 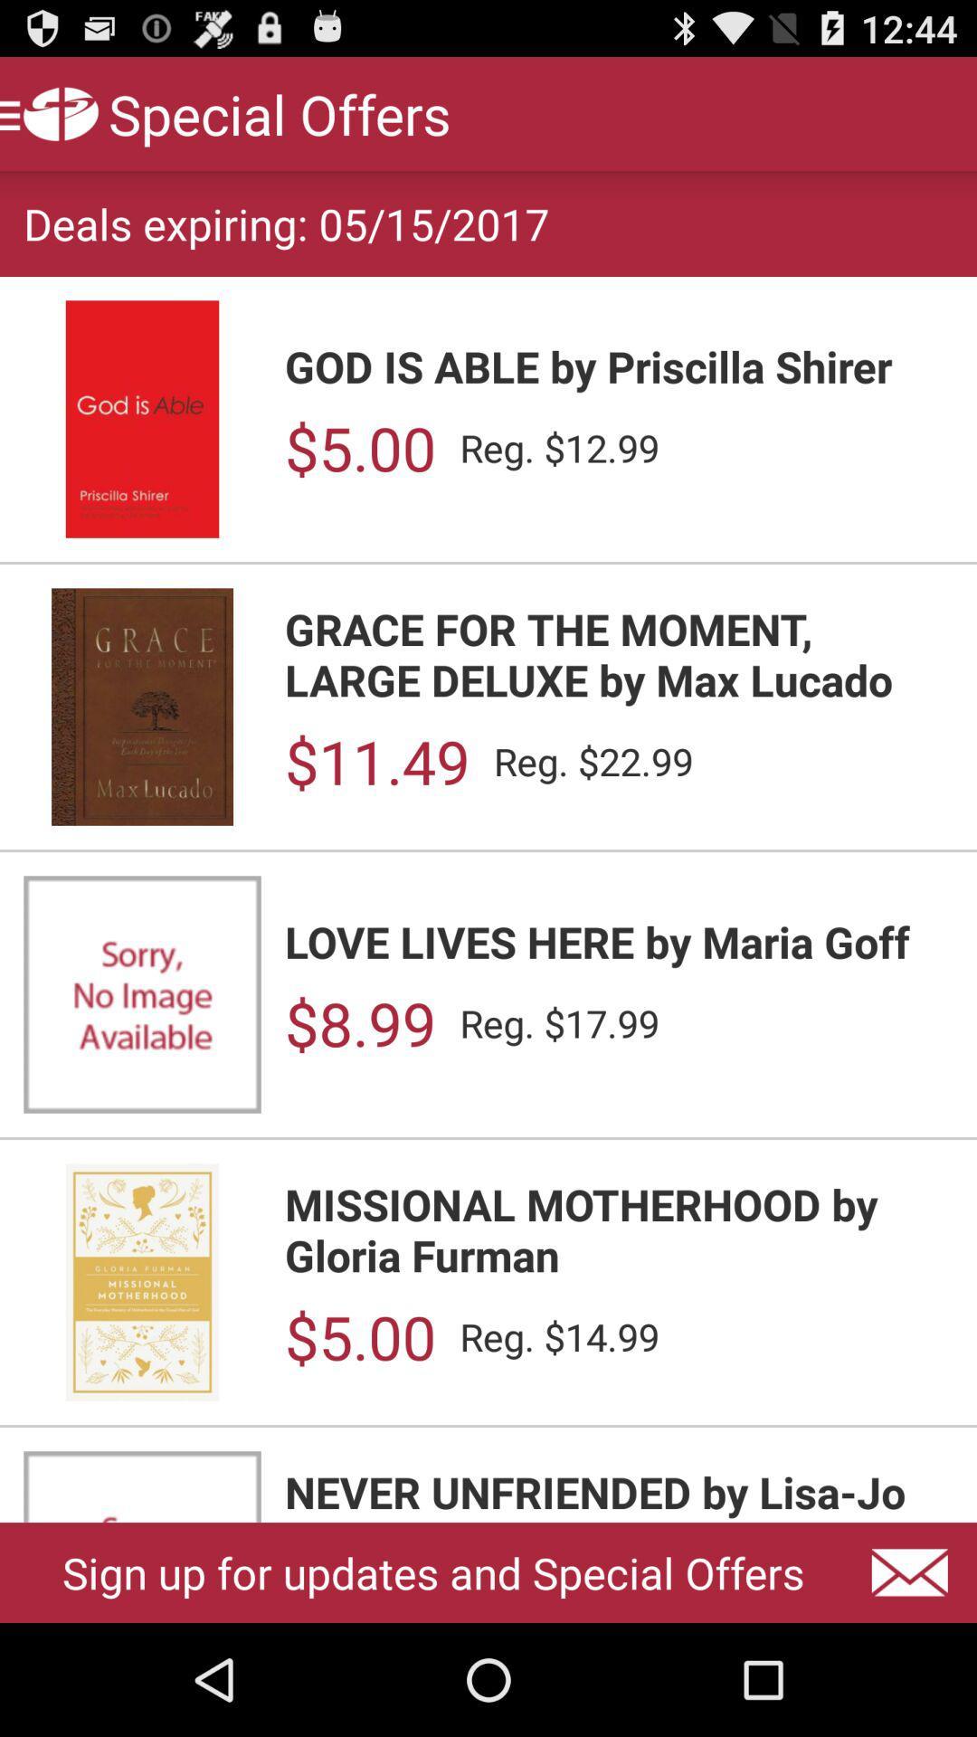 What do you see at coordinates (618, 941) in the screenshot?
I see `love lives here icon` at bounding box center [618, 941].